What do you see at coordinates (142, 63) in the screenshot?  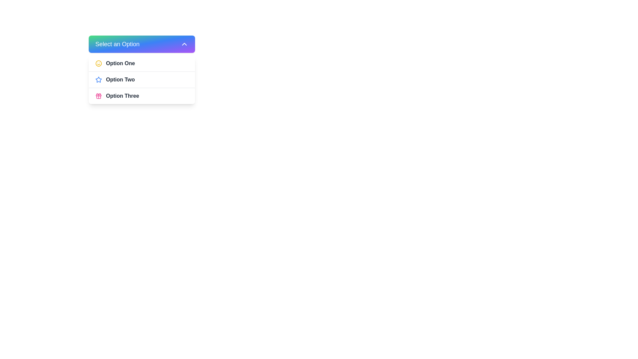 I see `the first option labeled 'Option One' in the dropdown menu` at bounding box center [142, 63].